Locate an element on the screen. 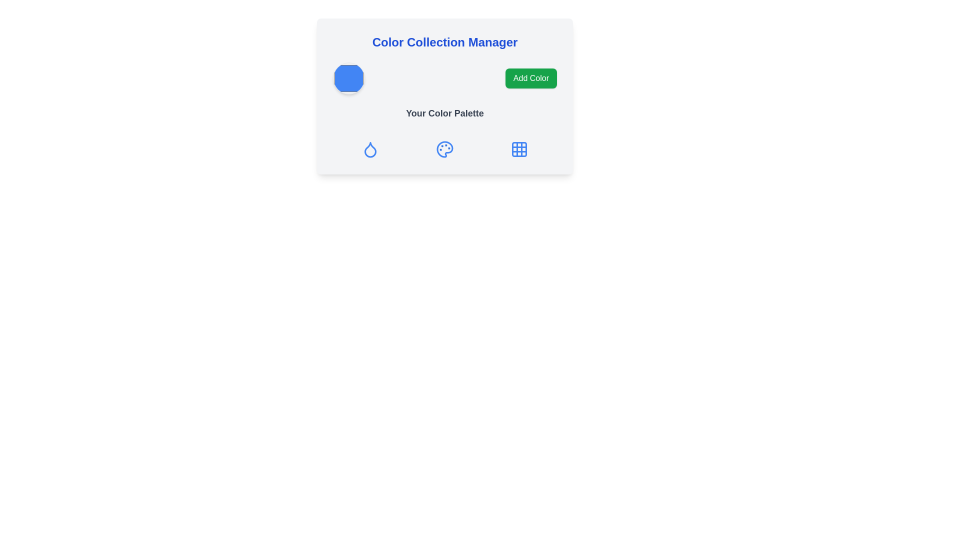  the color palette button, which is the second icon from the left in the horizontal sequence of icons, located between a droplet-shaped icon and a grid-shaped icon is located at coordinates (444, 149).